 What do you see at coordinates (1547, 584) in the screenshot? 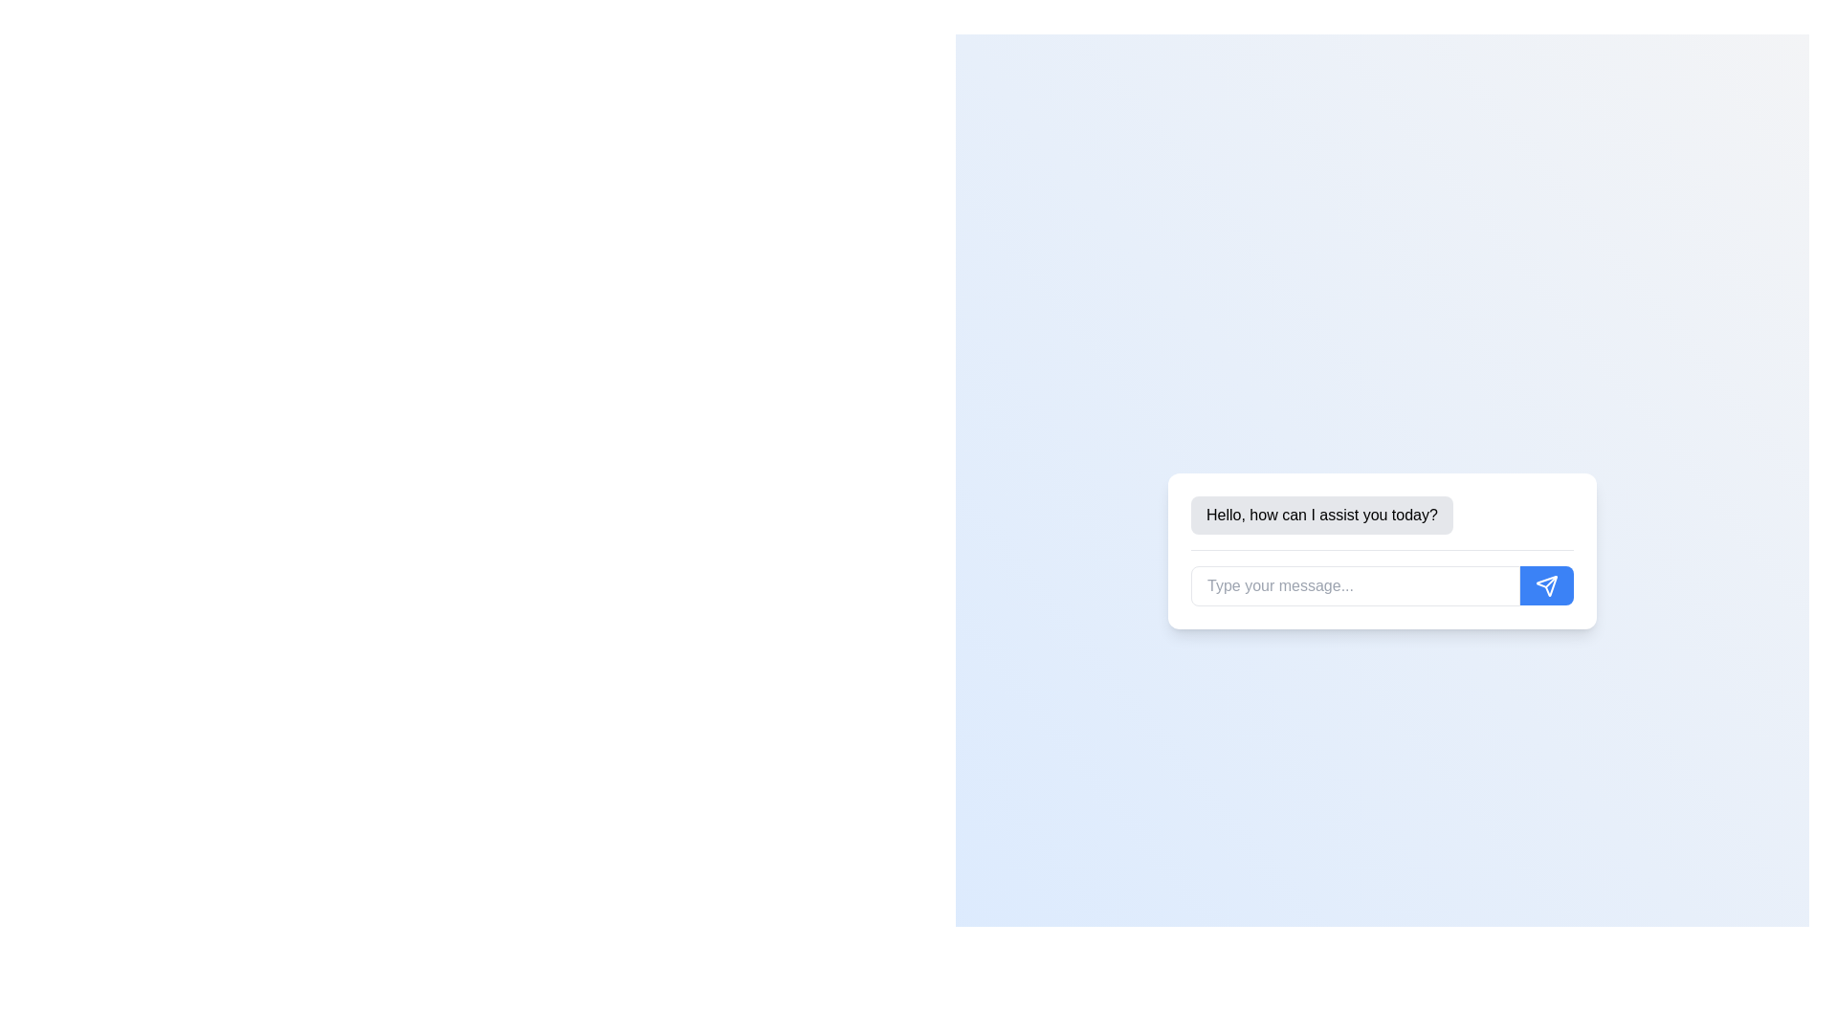
I see `the 'send' icon located in the lower-right corner of the message input area` at bounding box center [1547, 584].